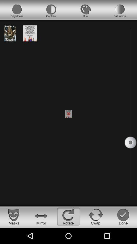 The height and width of the screenshot is (244, 137). Describe the element at coordinates (123, 216) in the screenshot. I see `done` at that location.